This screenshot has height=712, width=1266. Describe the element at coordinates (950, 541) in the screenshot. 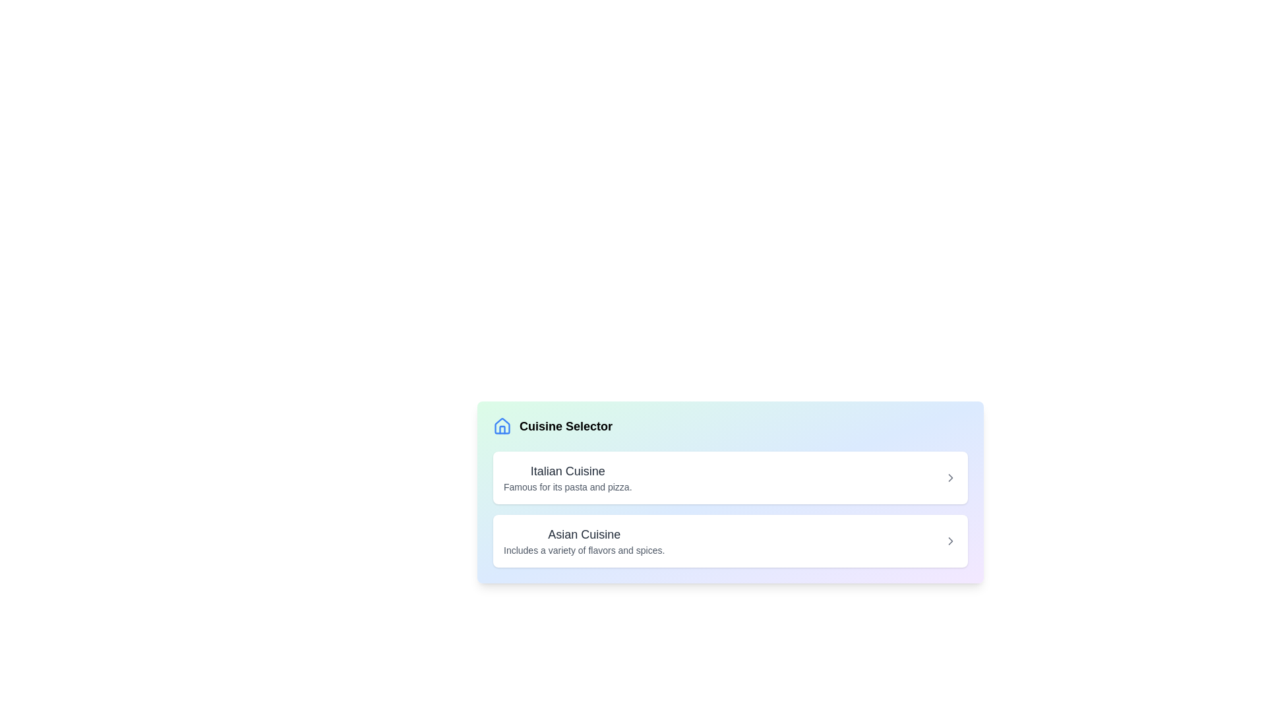

I see `the graphical arrow icon pointing to the right, located in the lower interactive region, aligned horizontally on the right side of the 'Asian Cuisine' title` at that location.